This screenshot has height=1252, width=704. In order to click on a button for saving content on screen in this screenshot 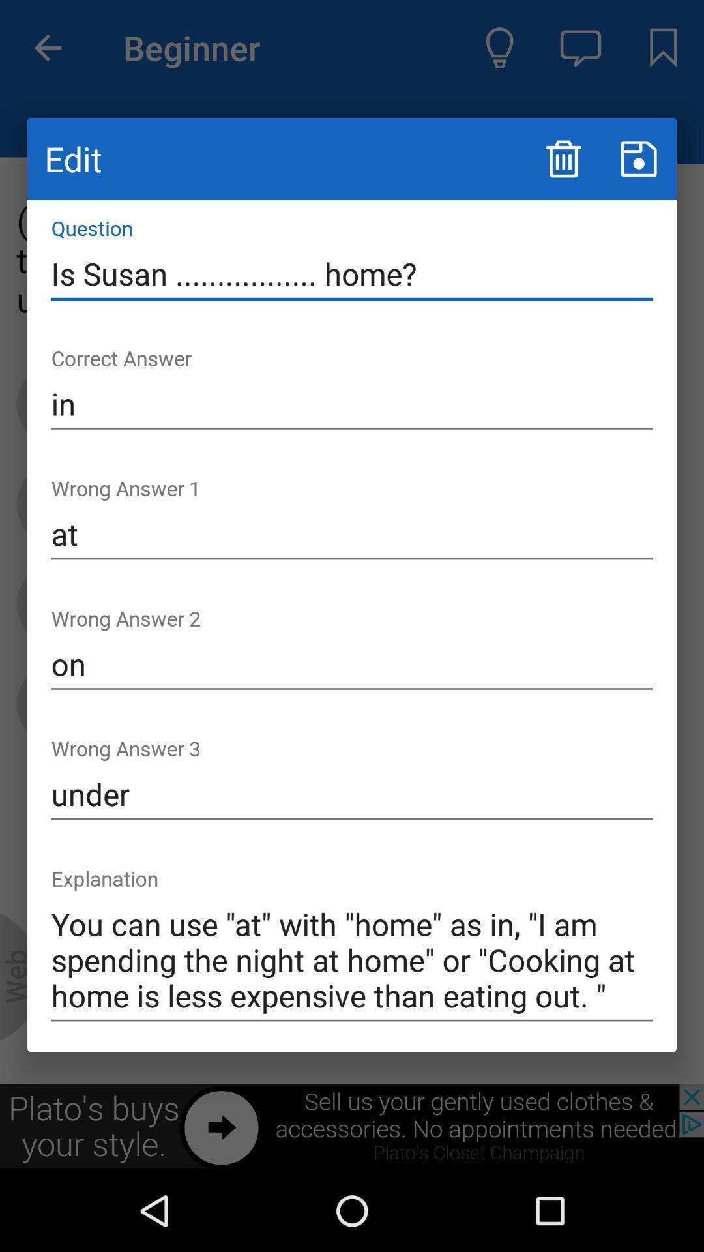, I will do `click(638, 158)`.